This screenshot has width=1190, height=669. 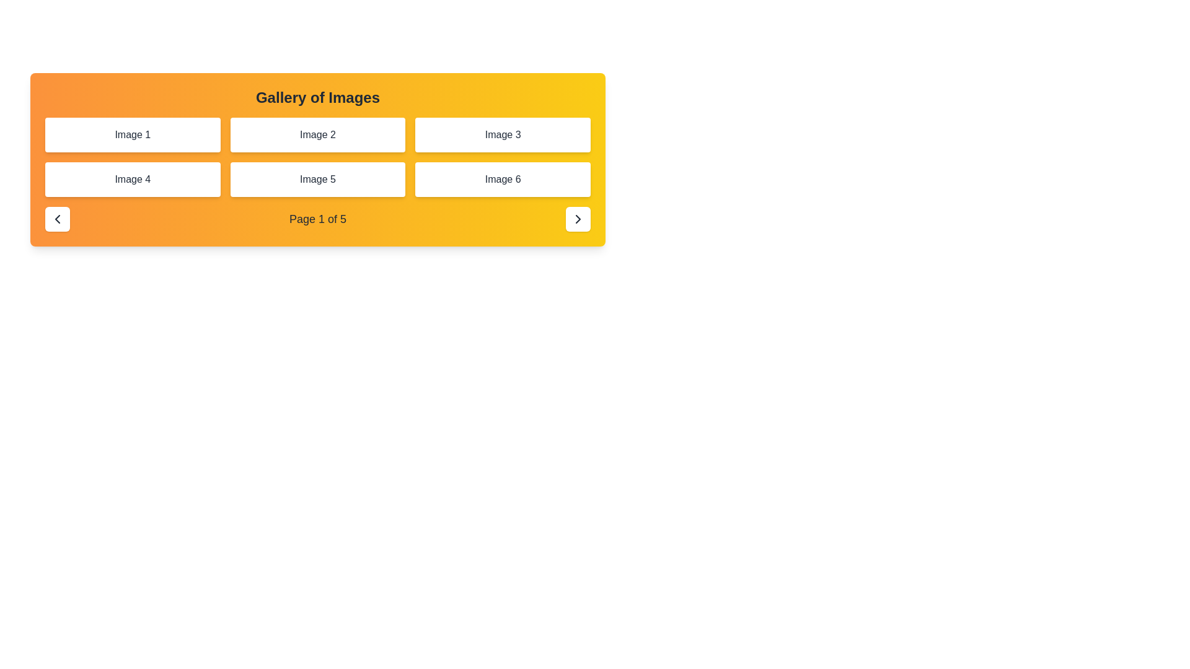 I want to click on the static display card that displays 'Image 2', which is a white rectangular card with rounded corners and a shadow effect, located in the first row and middle column of the grid layout, so click(x=318, y=135).